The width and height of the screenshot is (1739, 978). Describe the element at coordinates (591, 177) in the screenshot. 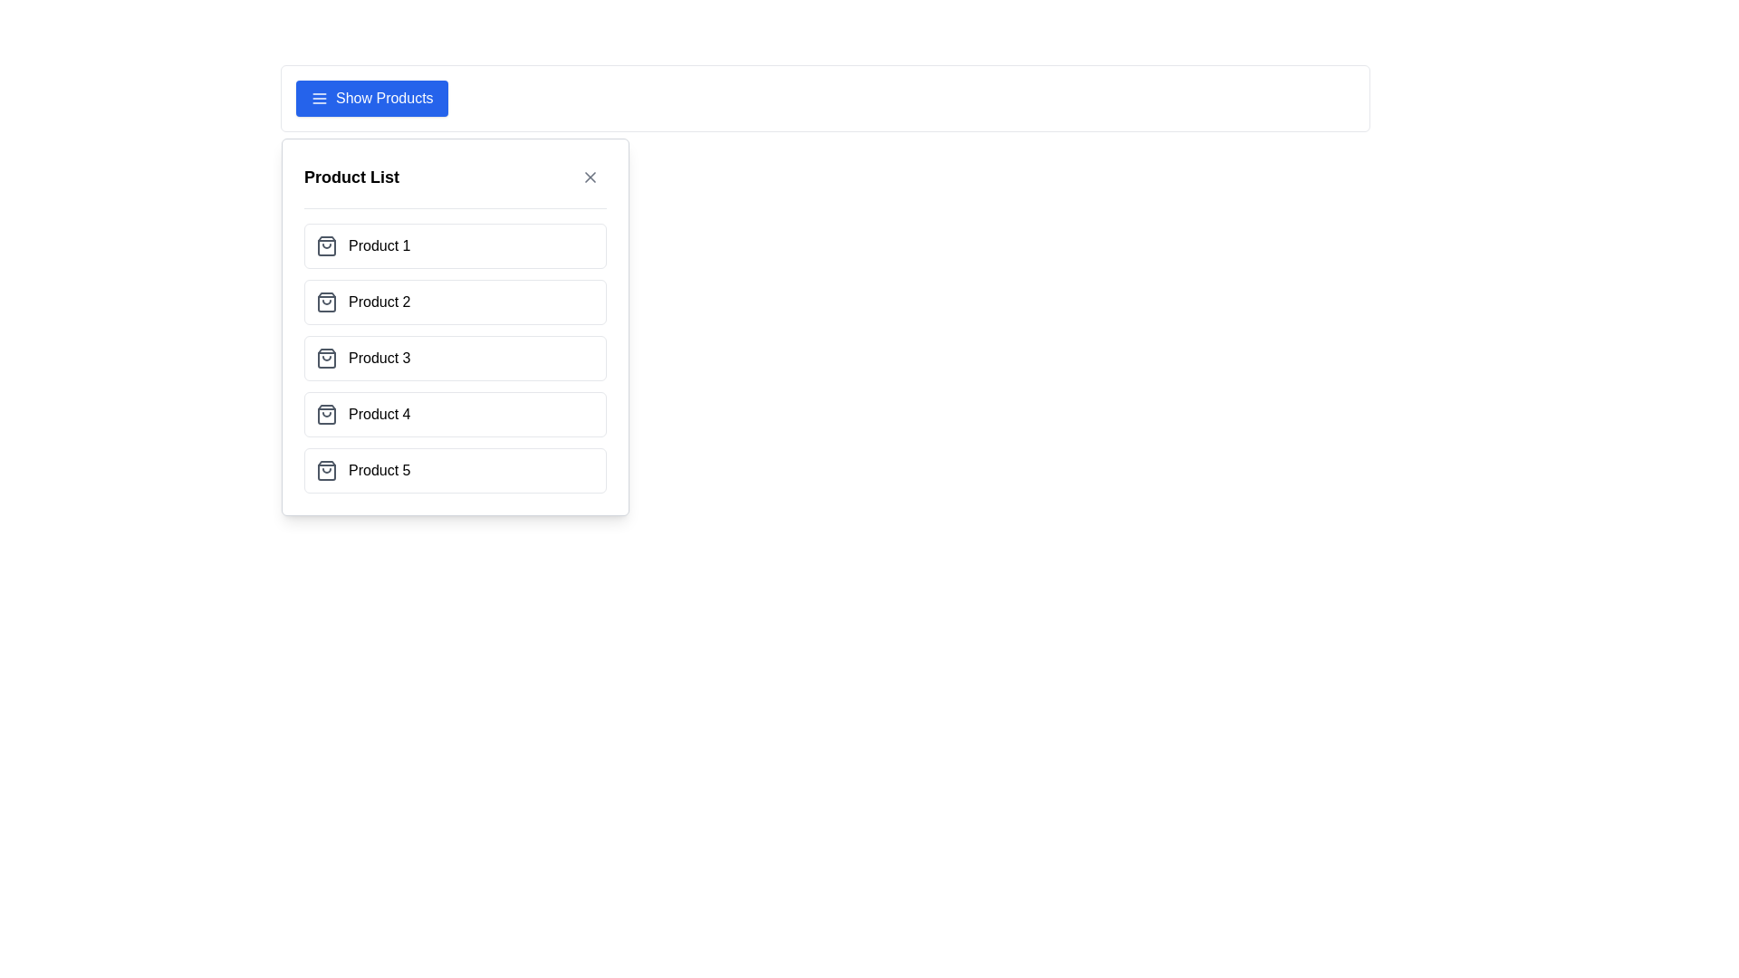

I see `the circular button with a light gray background and 'X' icon located at the top-right corner of the 'Product List' section` at that location.